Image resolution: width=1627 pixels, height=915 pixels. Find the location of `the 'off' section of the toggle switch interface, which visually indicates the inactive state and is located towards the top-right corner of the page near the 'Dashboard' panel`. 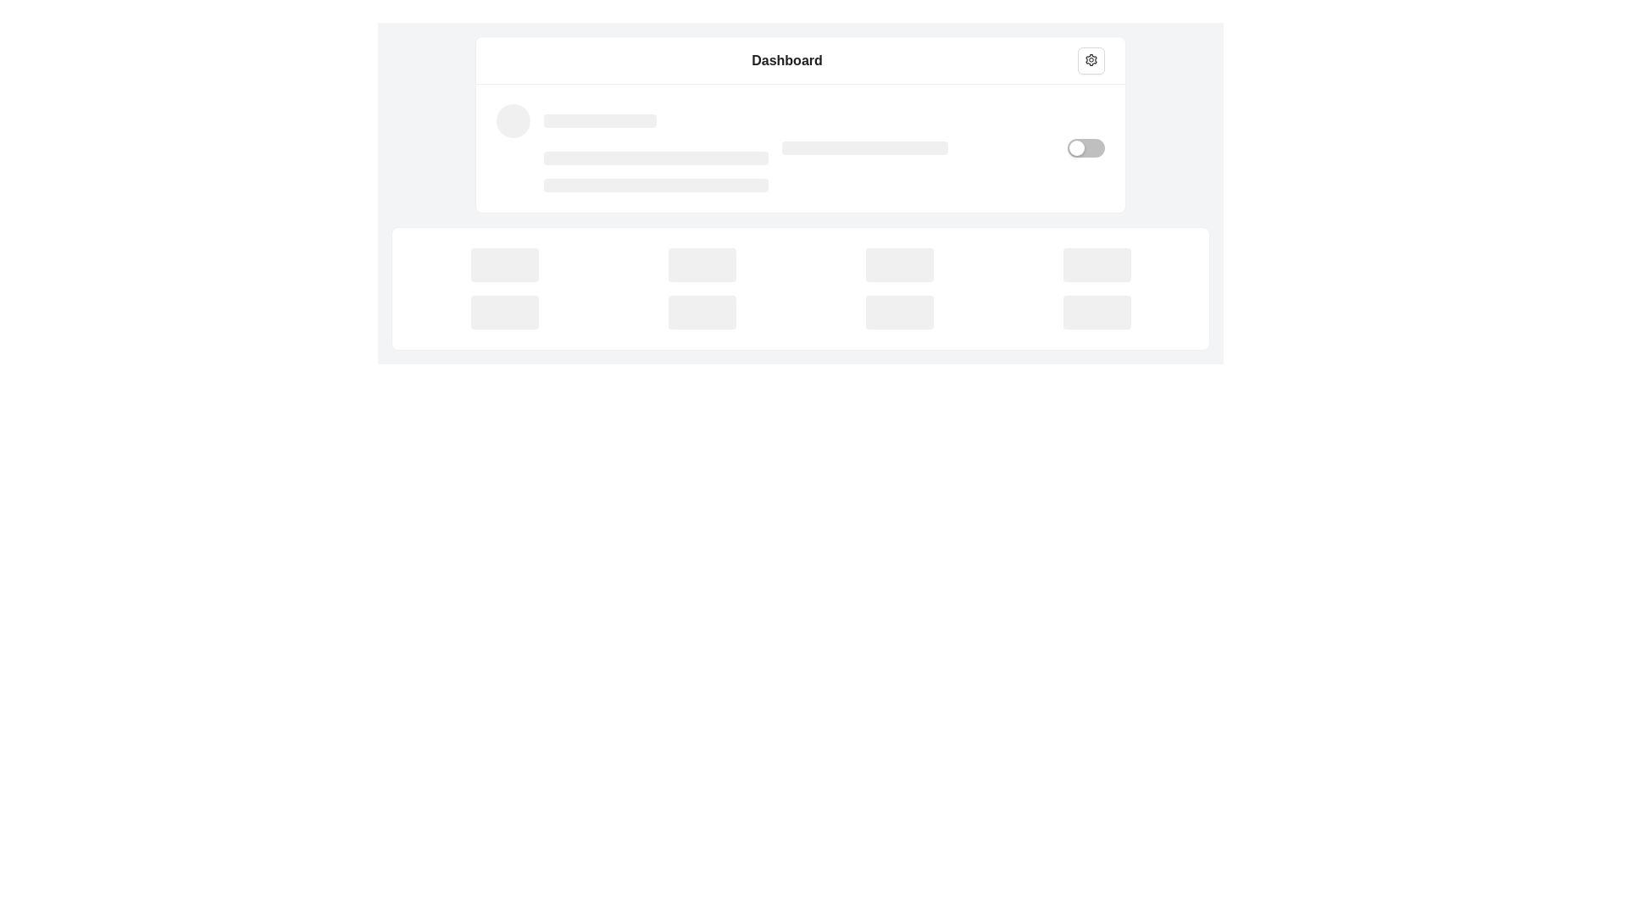

the 'off' section of the toggle switch interface, which visually indicates the inactive state and is located towards the top-right corner of the page near the 'Dashboard' panel is located at coordinates (1092, 147).